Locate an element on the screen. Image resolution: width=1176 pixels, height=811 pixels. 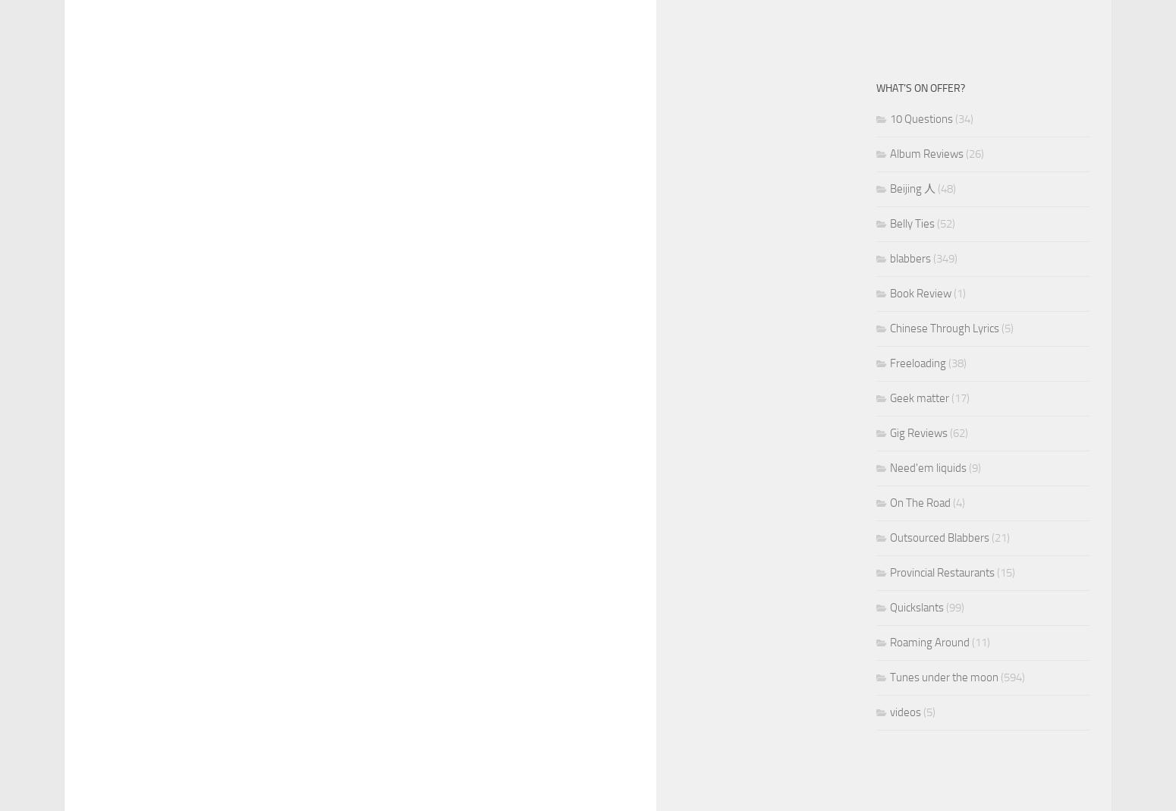
'Tunes under the moon' is located at coordinates (890, 677).